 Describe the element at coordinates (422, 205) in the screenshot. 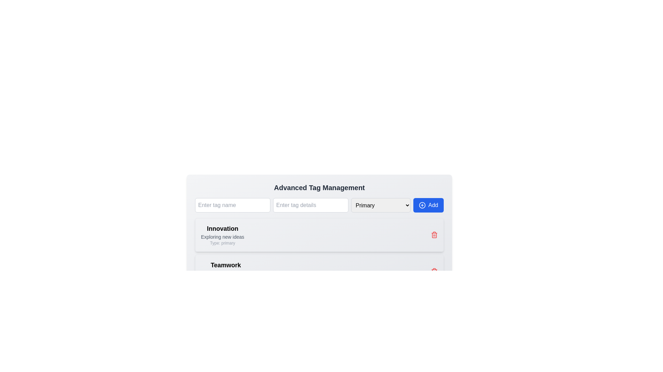

I see `the circular component of the blue 'plus' icon button labeled 'Add' located in the top-right of the 'Advanced Tag Management' section to press the button` at that location.